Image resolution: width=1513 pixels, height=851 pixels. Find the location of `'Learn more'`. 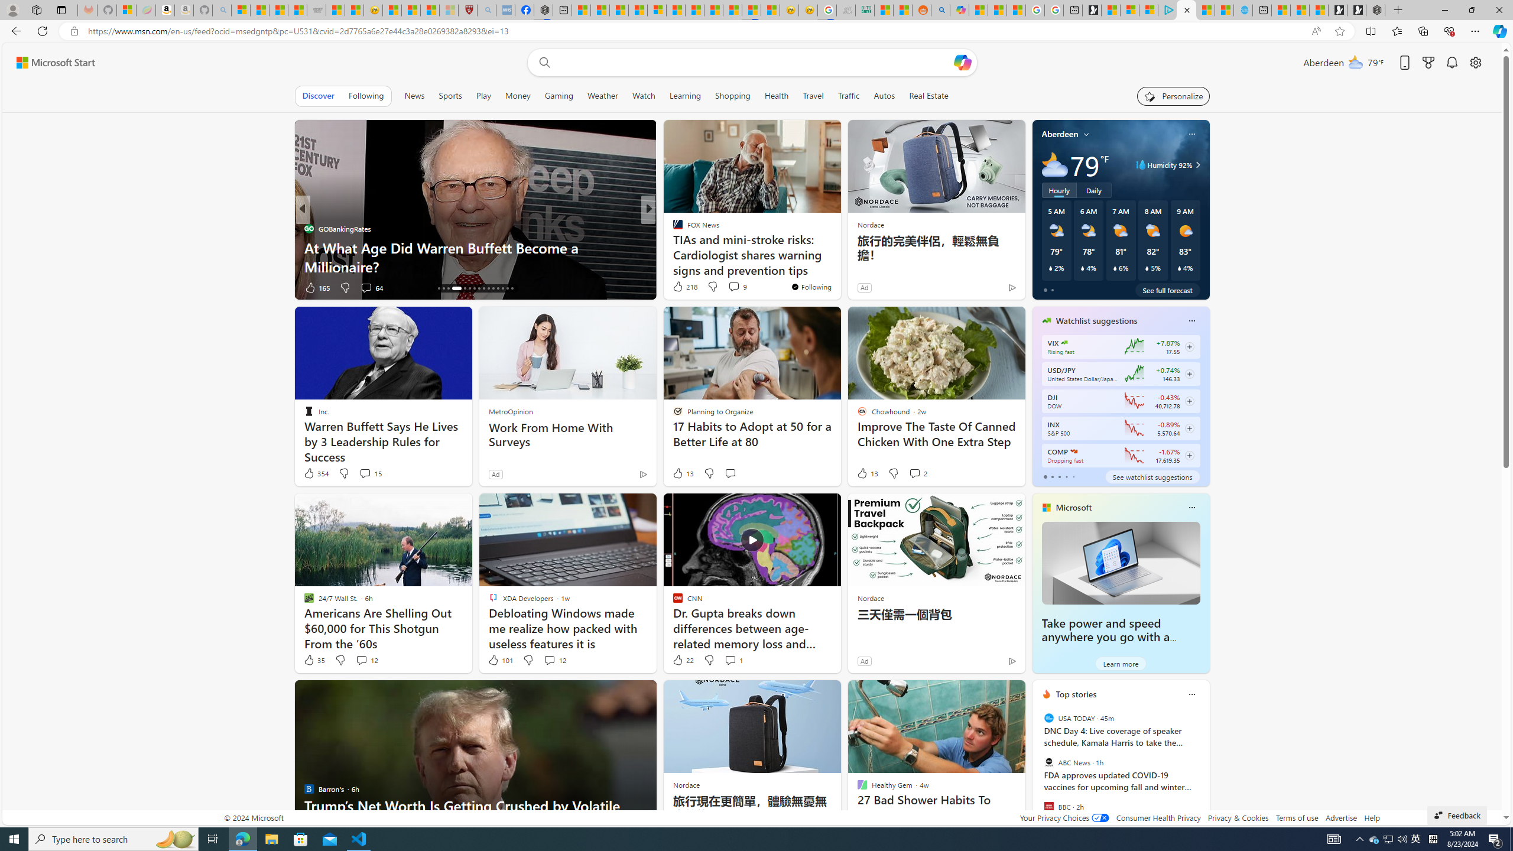

'Learn more' is located at coordinates (1120, 663).